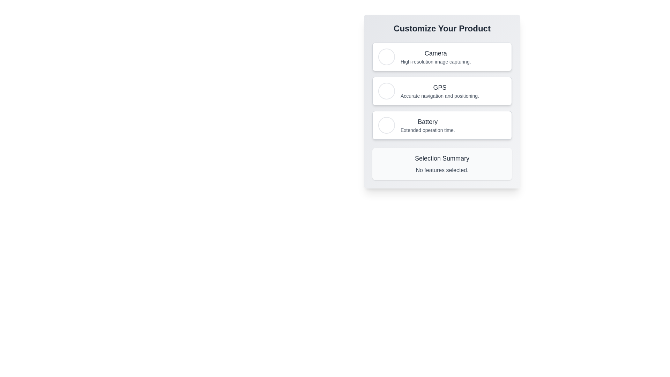  I want to click on the 'Battery' text label displayed in large, bold, dark gray font within the third option card of the vertical list, so click(427, 121).